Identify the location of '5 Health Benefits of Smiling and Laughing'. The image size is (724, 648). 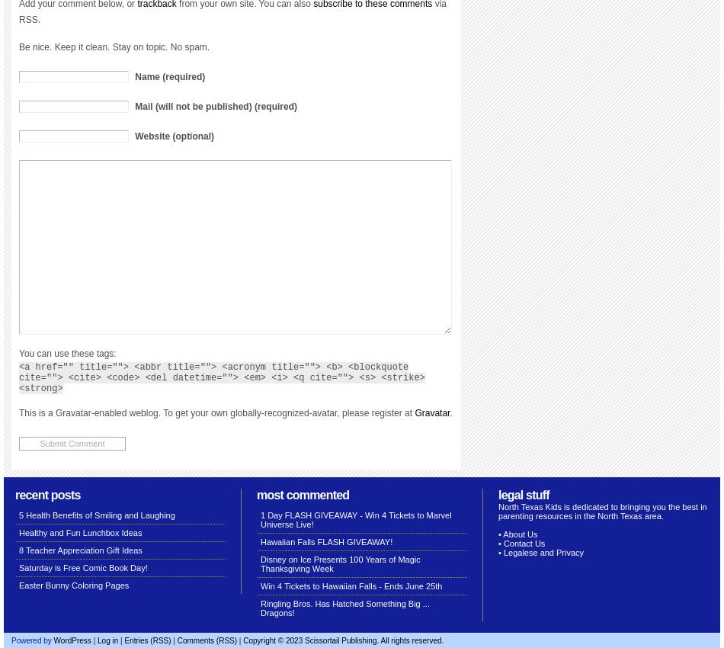
(97, 515).